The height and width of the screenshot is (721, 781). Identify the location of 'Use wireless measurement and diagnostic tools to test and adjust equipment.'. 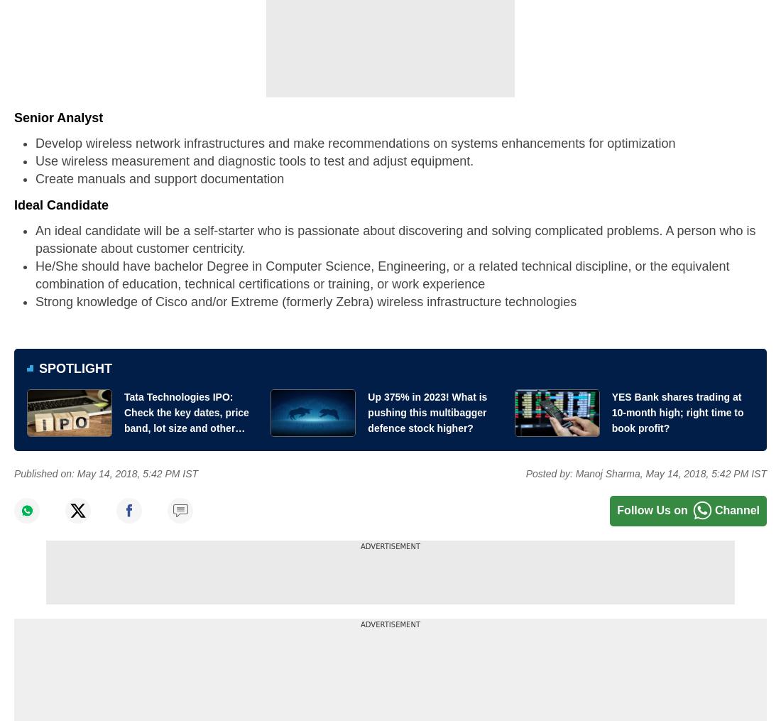
(254, 161).